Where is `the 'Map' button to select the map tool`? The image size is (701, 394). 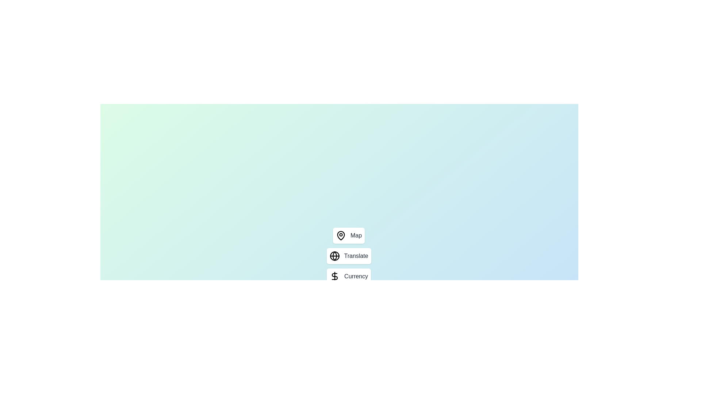 the 'Map' button to select the map tool is located at coordinates (348, 235).